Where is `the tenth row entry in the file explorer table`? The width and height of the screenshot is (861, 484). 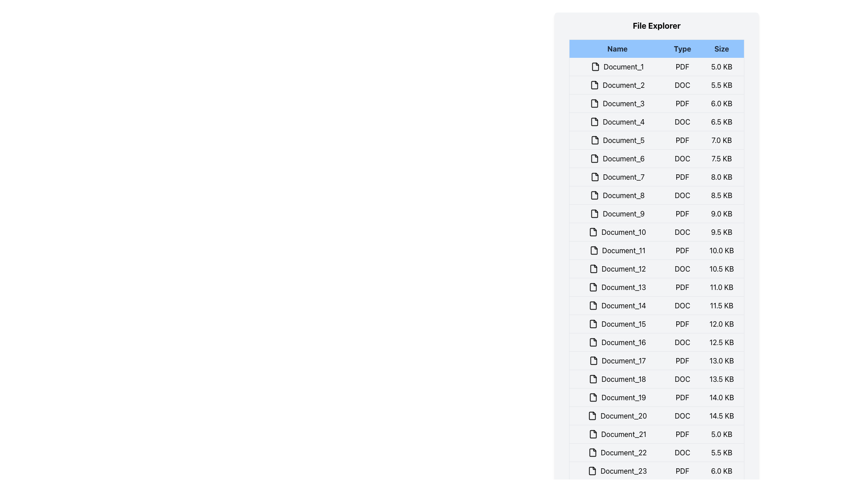 the tenth row entry in the file explorer table is located at coordinates (657, 231).